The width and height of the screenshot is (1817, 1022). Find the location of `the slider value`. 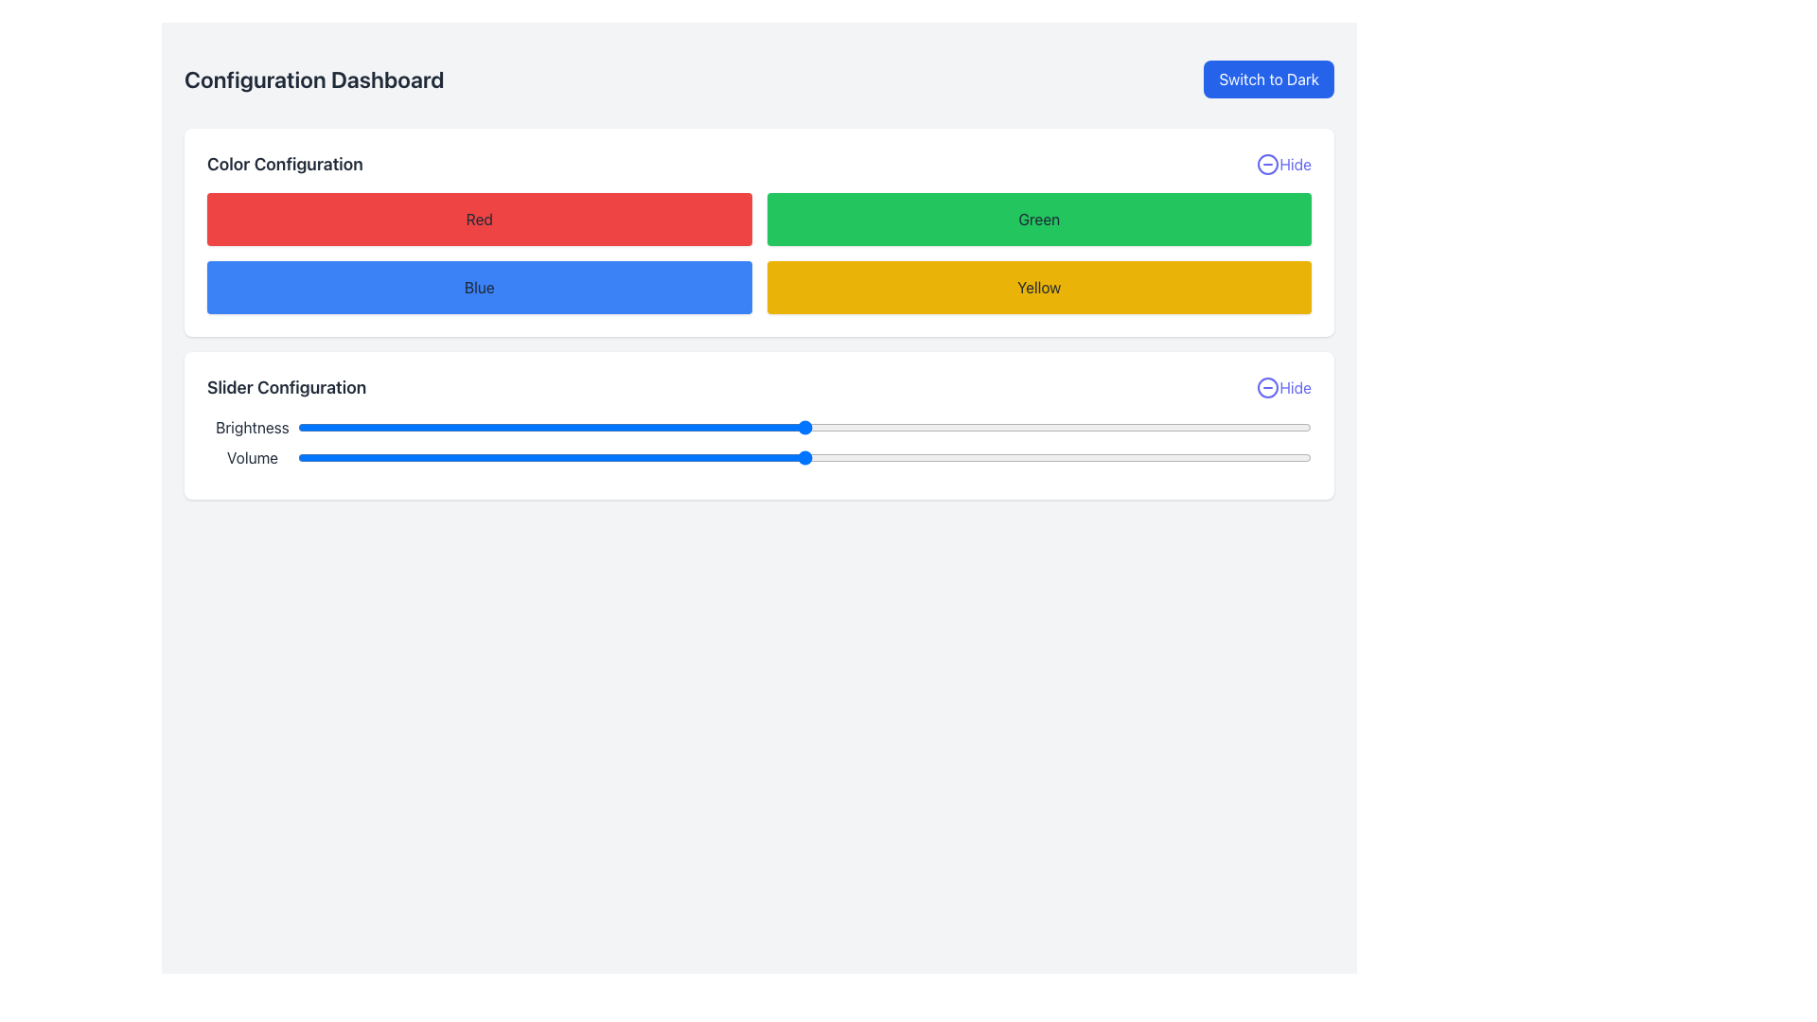

the slider value is located at coordinates (997, 457).